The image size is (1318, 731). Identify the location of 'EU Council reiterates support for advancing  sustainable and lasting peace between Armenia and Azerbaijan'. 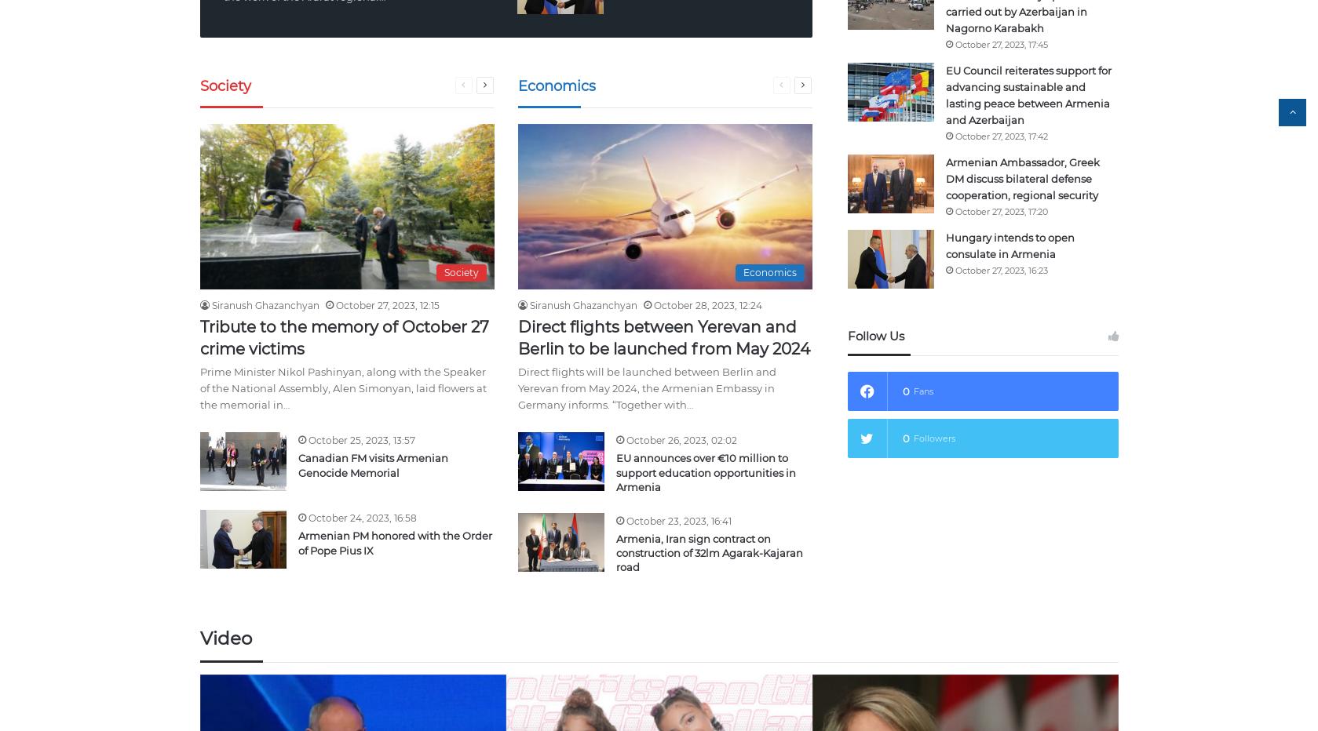
(1027, 93).